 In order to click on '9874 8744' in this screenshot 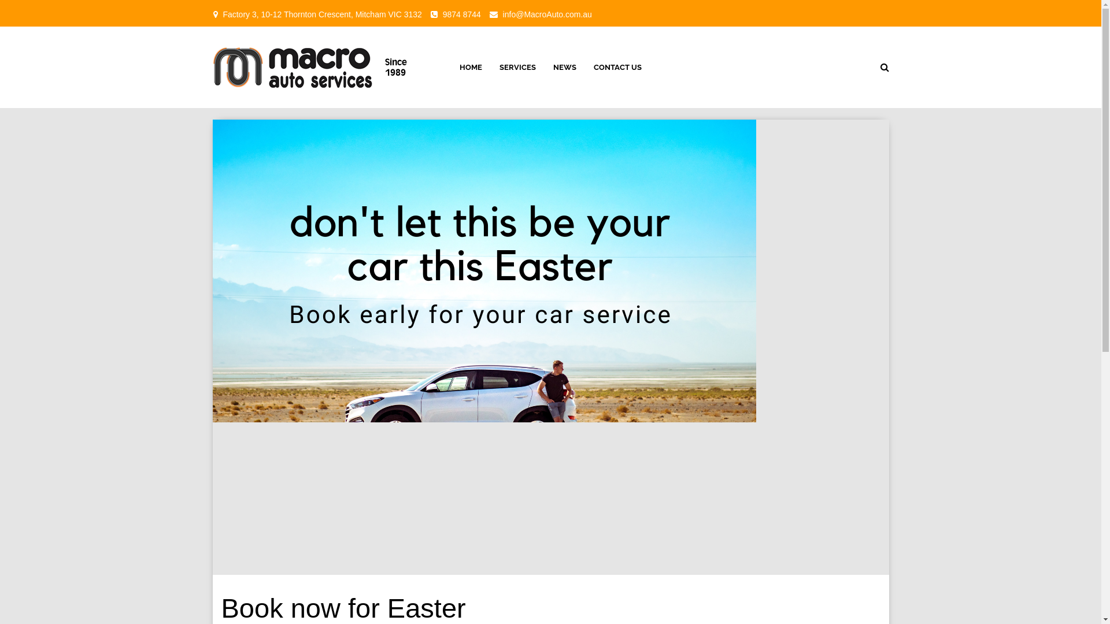, I will do `click(442, 14)`.